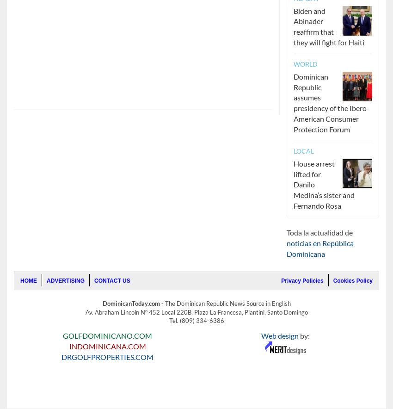  I want to click on 'Privacy Policies', so click(302, 281).